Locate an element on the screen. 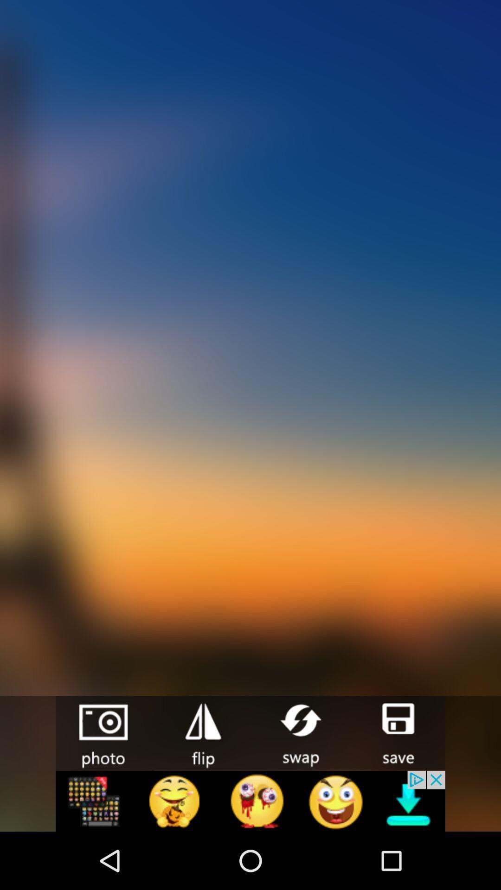  flip button is located at coordinates (201, 732).